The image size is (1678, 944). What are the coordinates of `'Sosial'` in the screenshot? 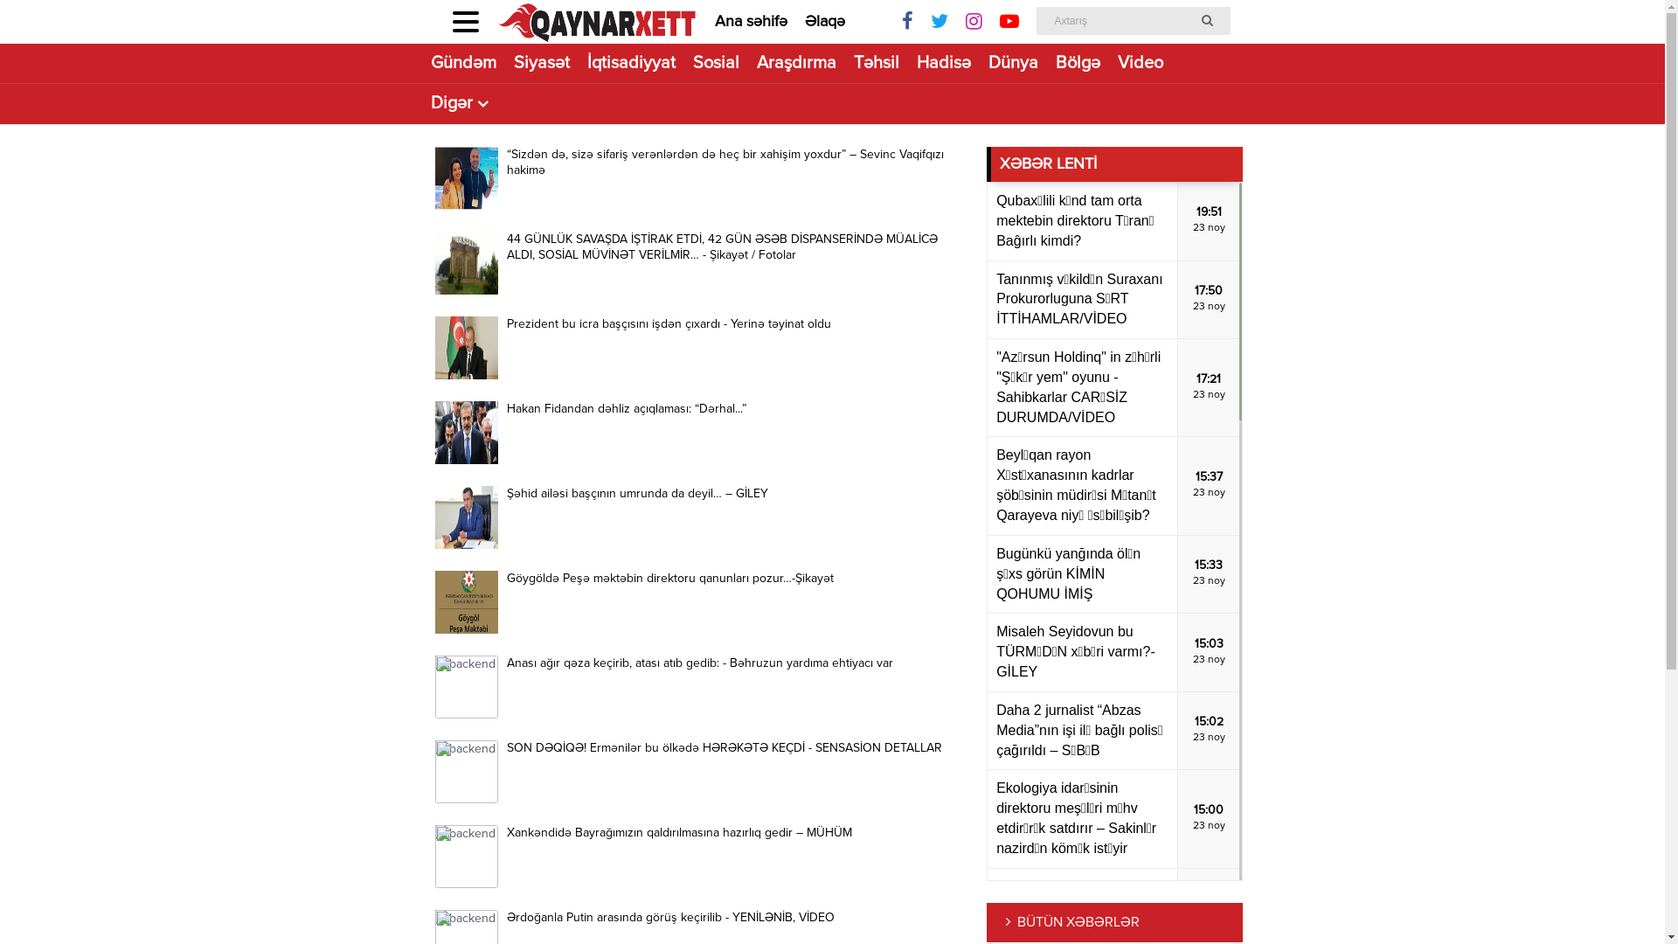 It's located at (715, 63).